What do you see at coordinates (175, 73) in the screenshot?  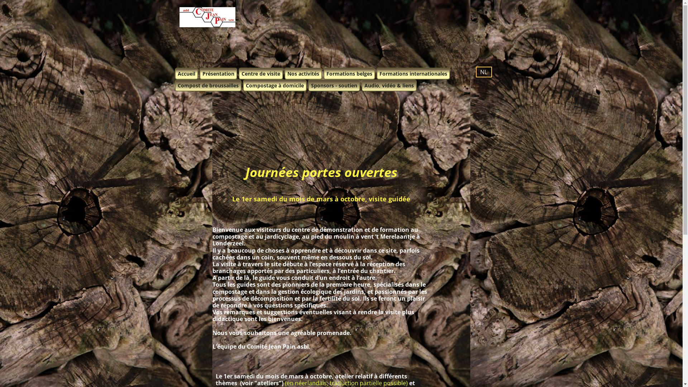 I see `'Accueil'` at bounding box center [175, 73].